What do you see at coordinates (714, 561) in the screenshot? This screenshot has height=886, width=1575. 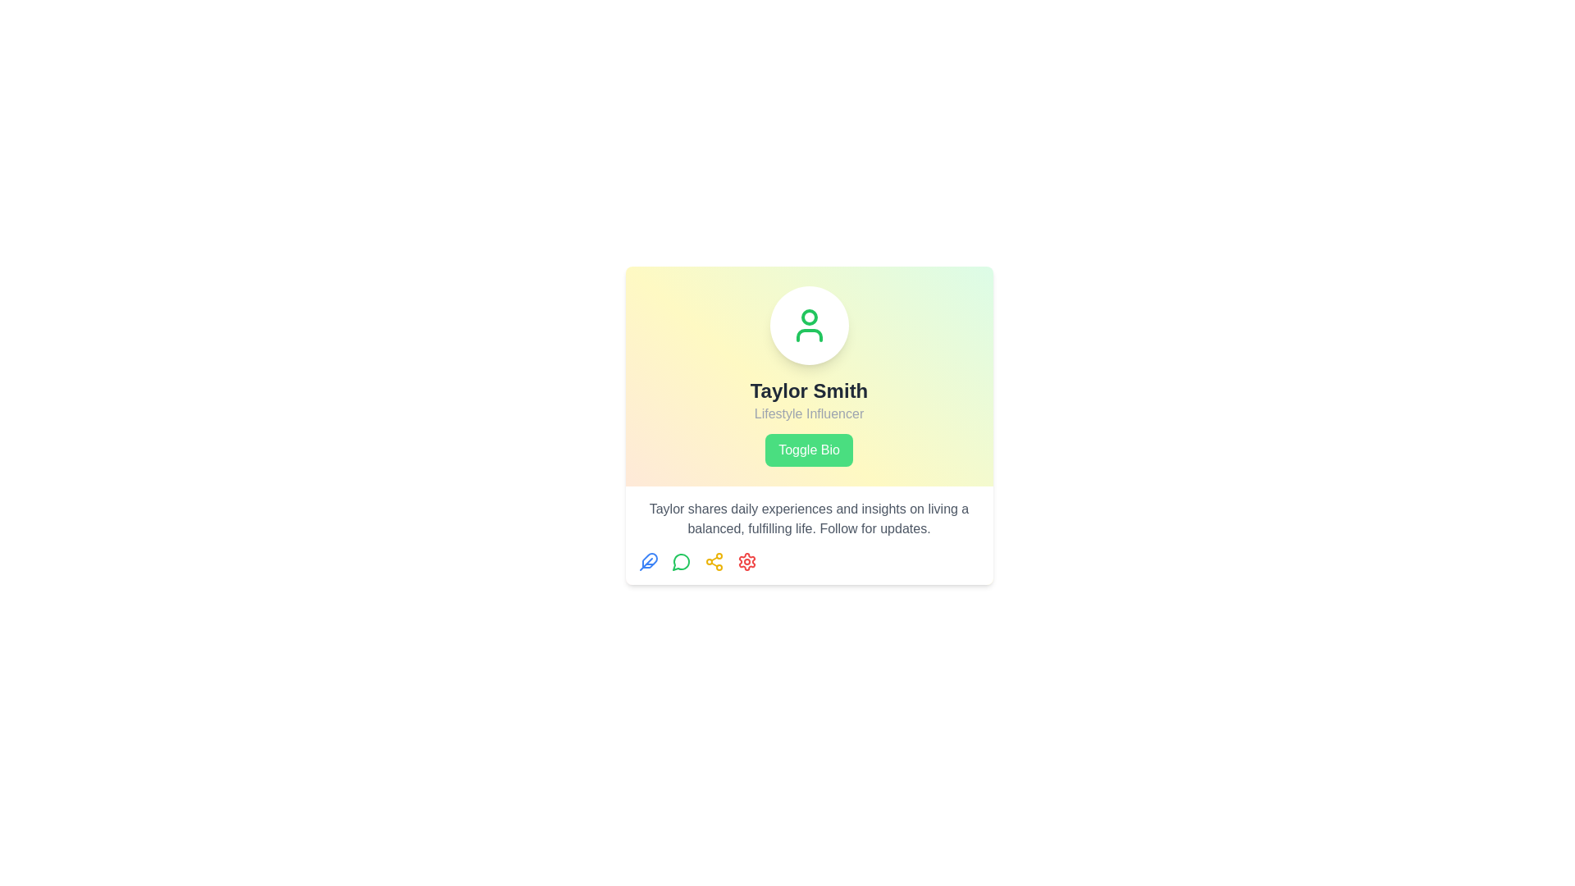 I see `the share icon, which is the third icon in a row of four located below the user profile card` at bounding box center [714, 561].